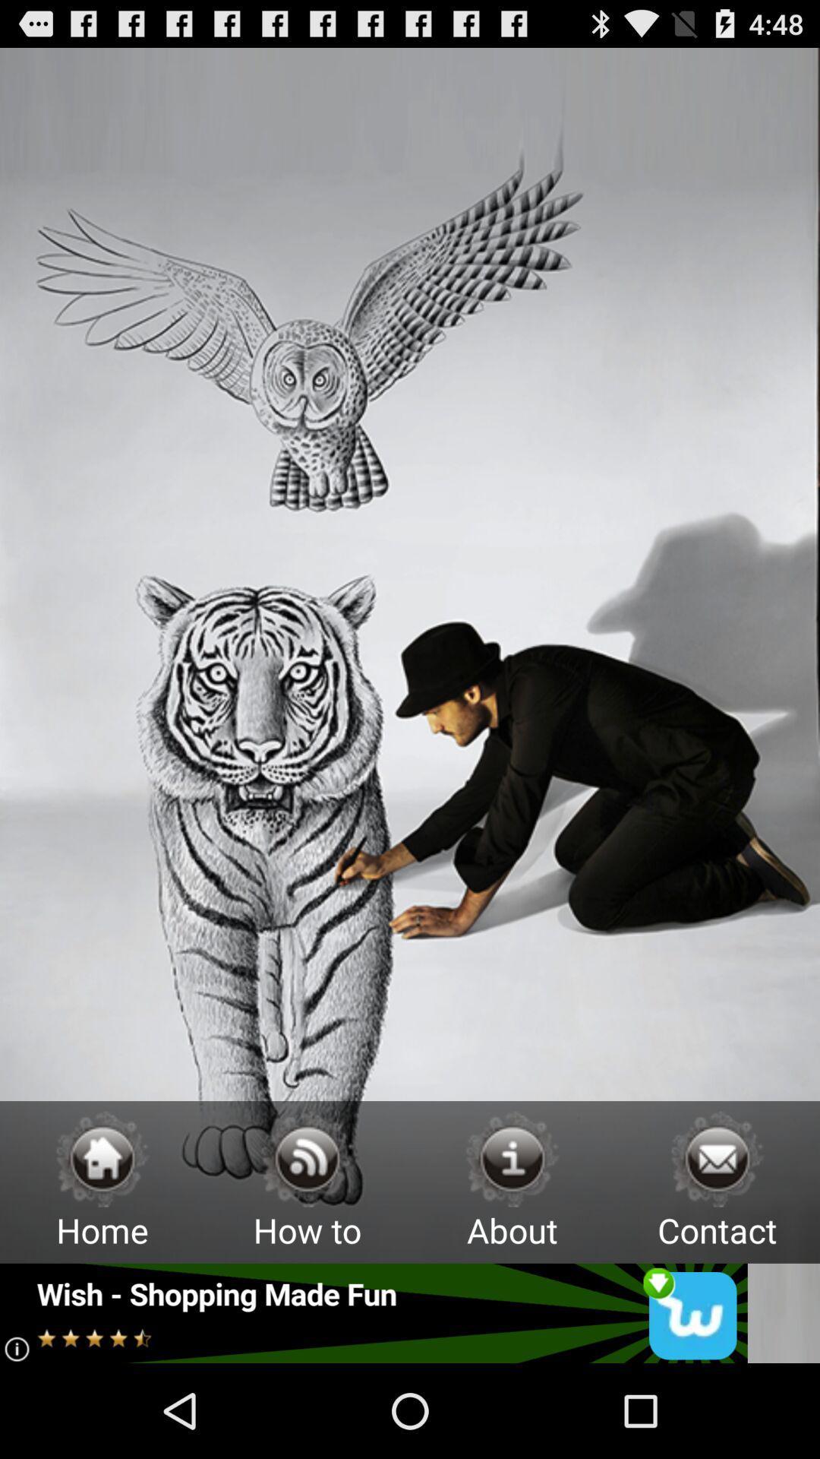 The image size is (820, 1459). I want to click on open this advertisement, so click(374, 1312).